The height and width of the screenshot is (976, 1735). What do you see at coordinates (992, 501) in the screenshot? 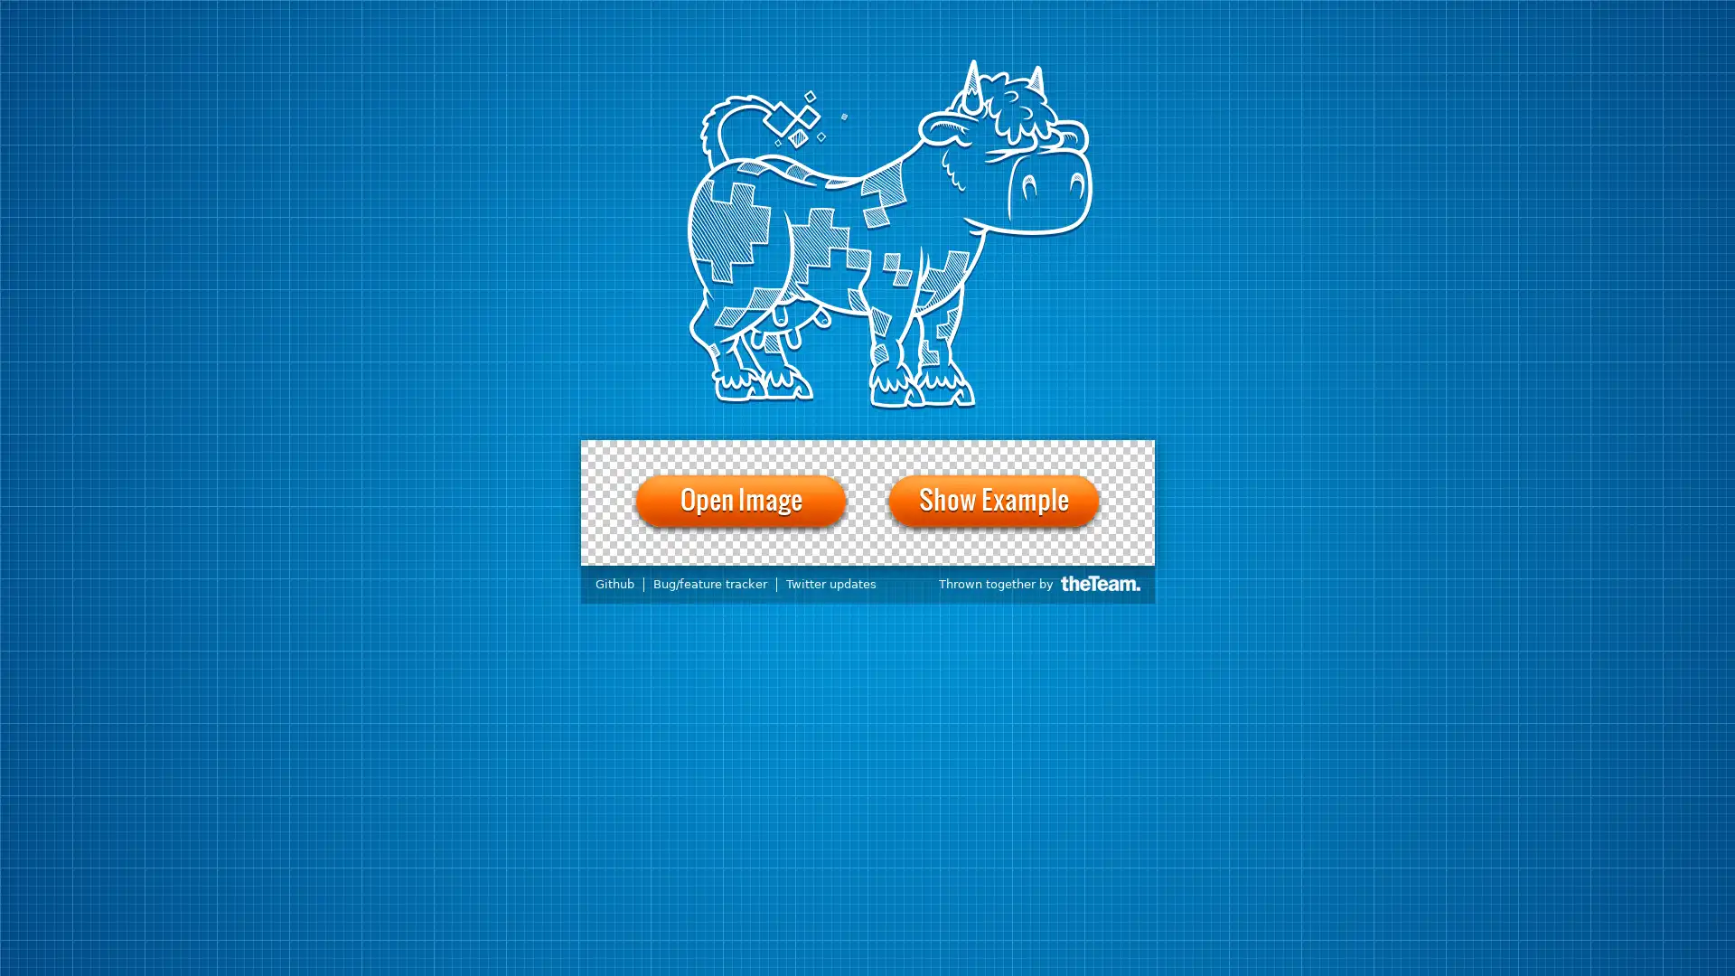
I see `Show Example` at bounding box center [992, 501].